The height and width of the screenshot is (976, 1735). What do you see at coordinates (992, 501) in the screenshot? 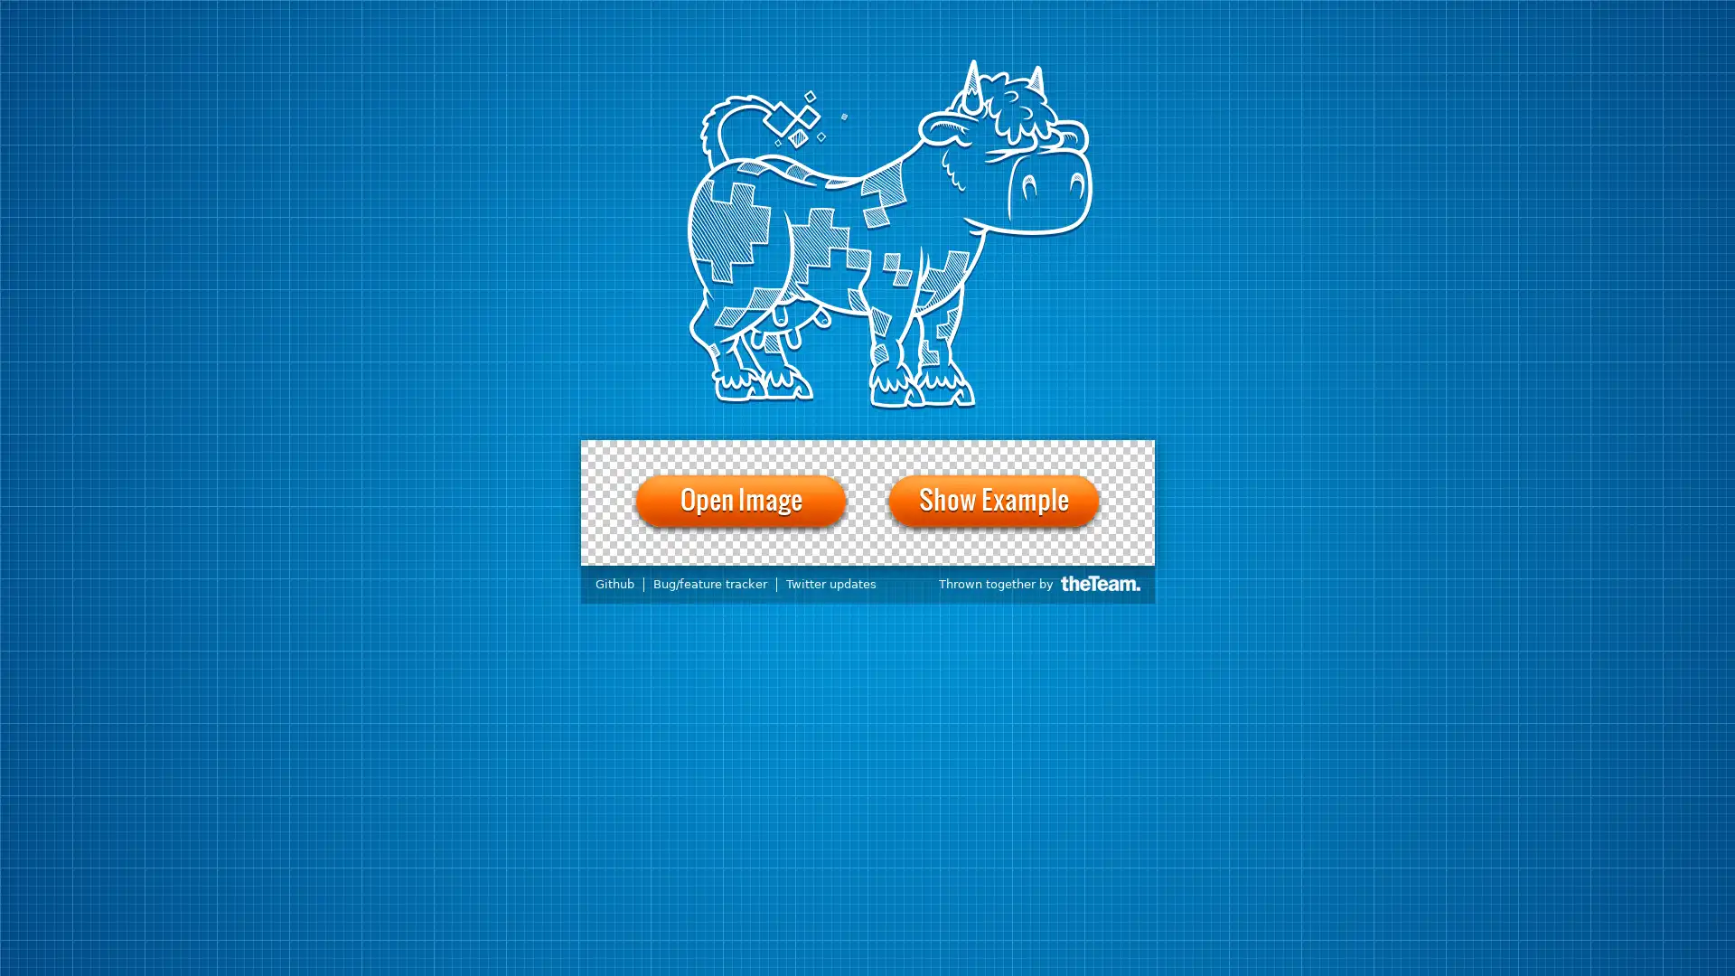
I see `Show Example` at bounding box center [992, 501].